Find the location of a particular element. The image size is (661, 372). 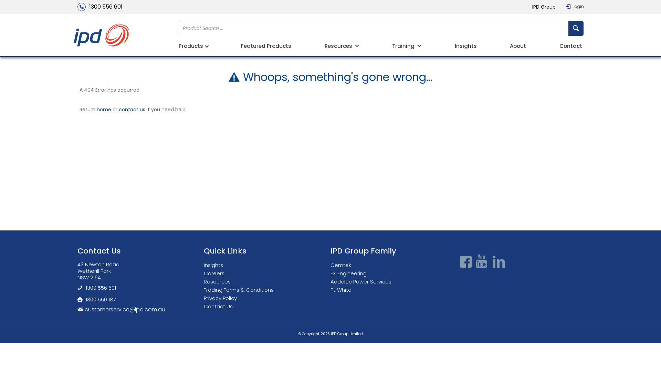

'Featured Products' is located at coordinates (265, 46).